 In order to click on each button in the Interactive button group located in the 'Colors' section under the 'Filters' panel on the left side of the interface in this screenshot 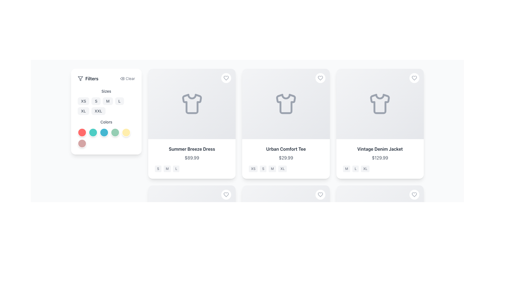, I will do `click(106, 137)`.